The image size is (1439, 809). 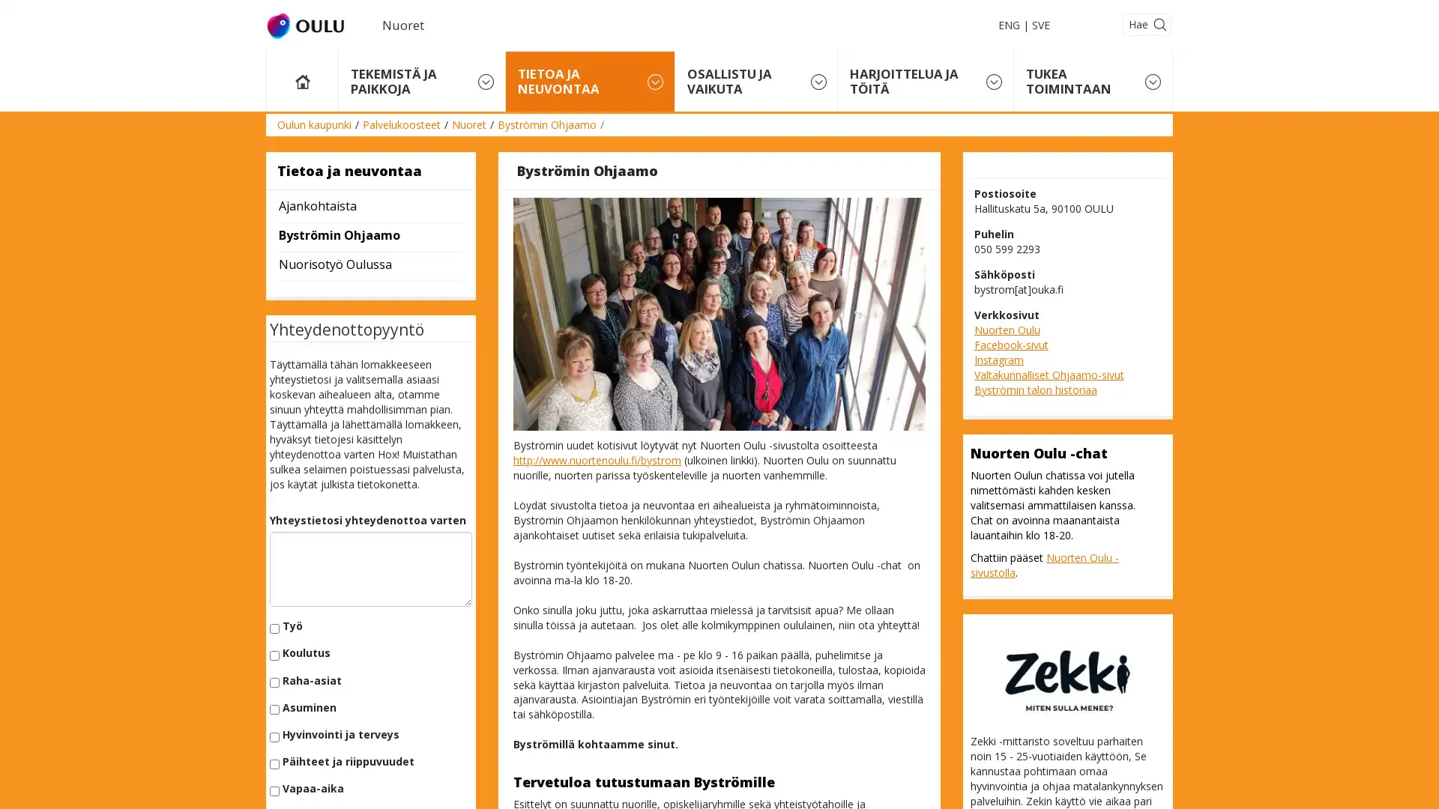 What do you see at coordinates (1151, 81) in the screenshot?
I see `Avaa valikko Tukea toimintaan` at bounding box center [1151, 81].